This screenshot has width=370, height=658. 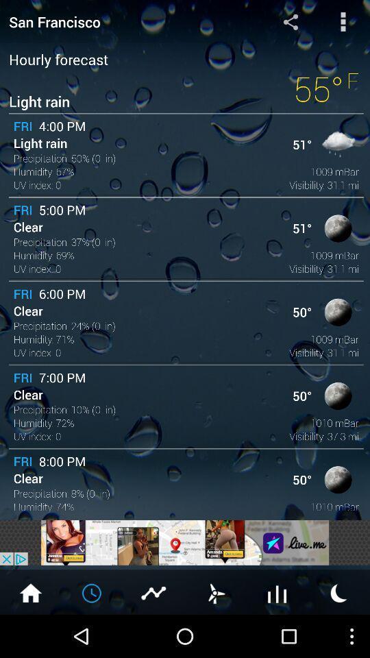 What do you see at coordinates (290, 21) in the screenshot?
I see `the item above hourly forecast` at bounding box center [290, 21].